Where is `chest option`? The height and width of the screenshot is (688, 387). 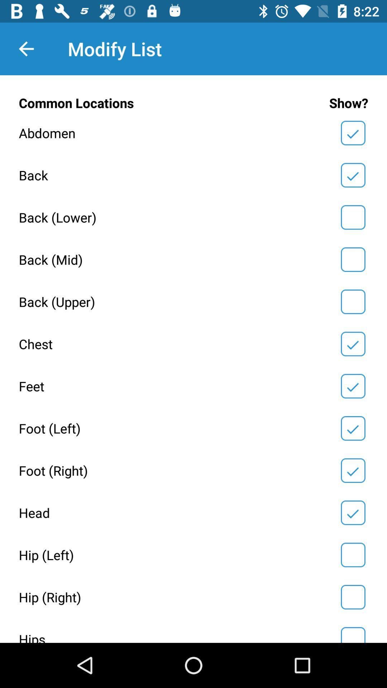 chest option is located at coordinates (353, 344).